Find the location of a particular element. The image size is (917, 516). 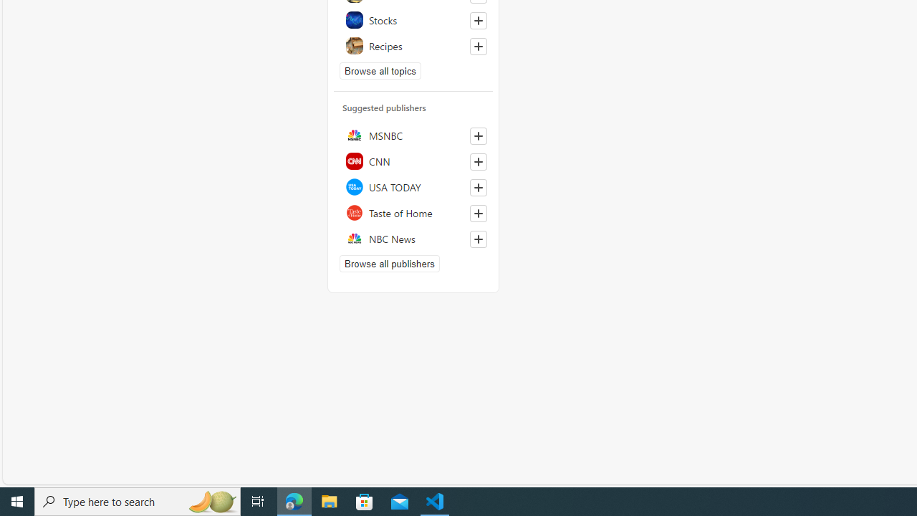

'MSNBC' is located at coordinates (413, 135).